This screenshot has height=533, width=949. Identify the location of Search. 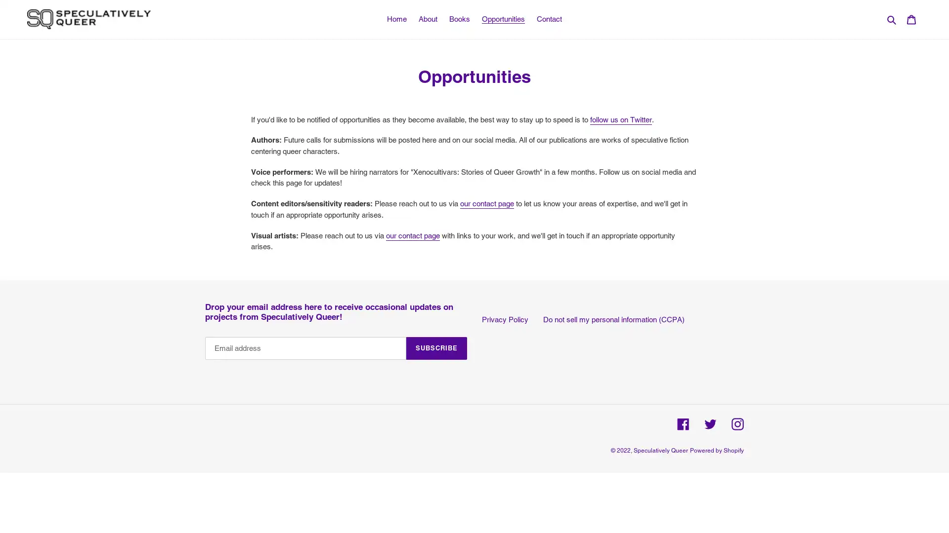
(892, 19).